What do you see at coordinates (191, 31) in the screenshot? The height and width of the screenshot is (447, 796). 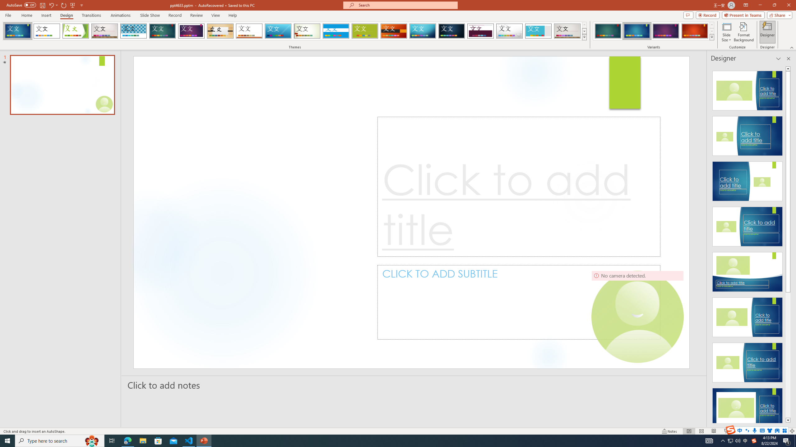 I see `'Ion Boardroom Loading Preview...'` at bounding box center [191, 31].